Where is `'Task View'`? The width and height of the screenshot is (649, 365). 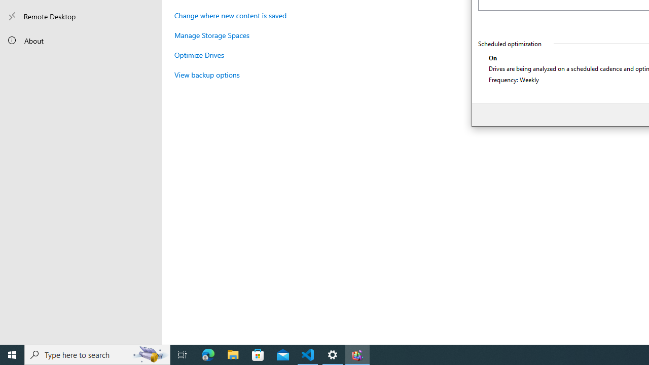 'Task View' is located at coordinates (182, 354).